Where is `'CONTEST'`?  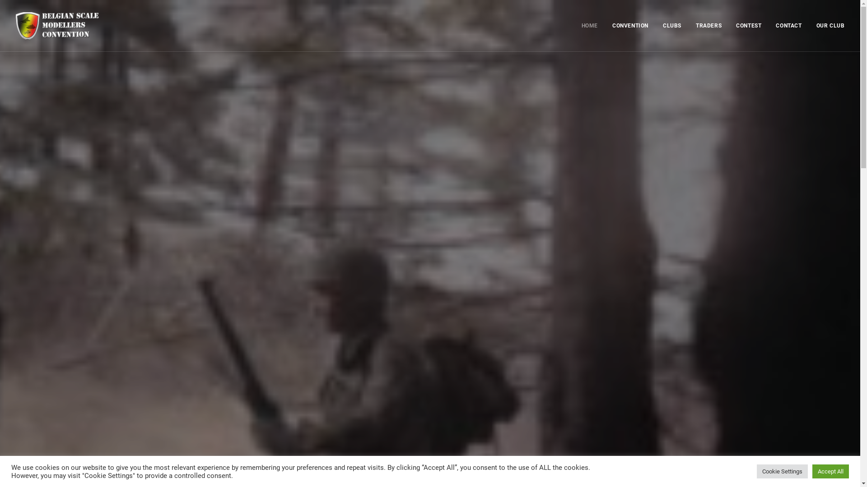
'CONTEST' is located at coordinates (748, 25).